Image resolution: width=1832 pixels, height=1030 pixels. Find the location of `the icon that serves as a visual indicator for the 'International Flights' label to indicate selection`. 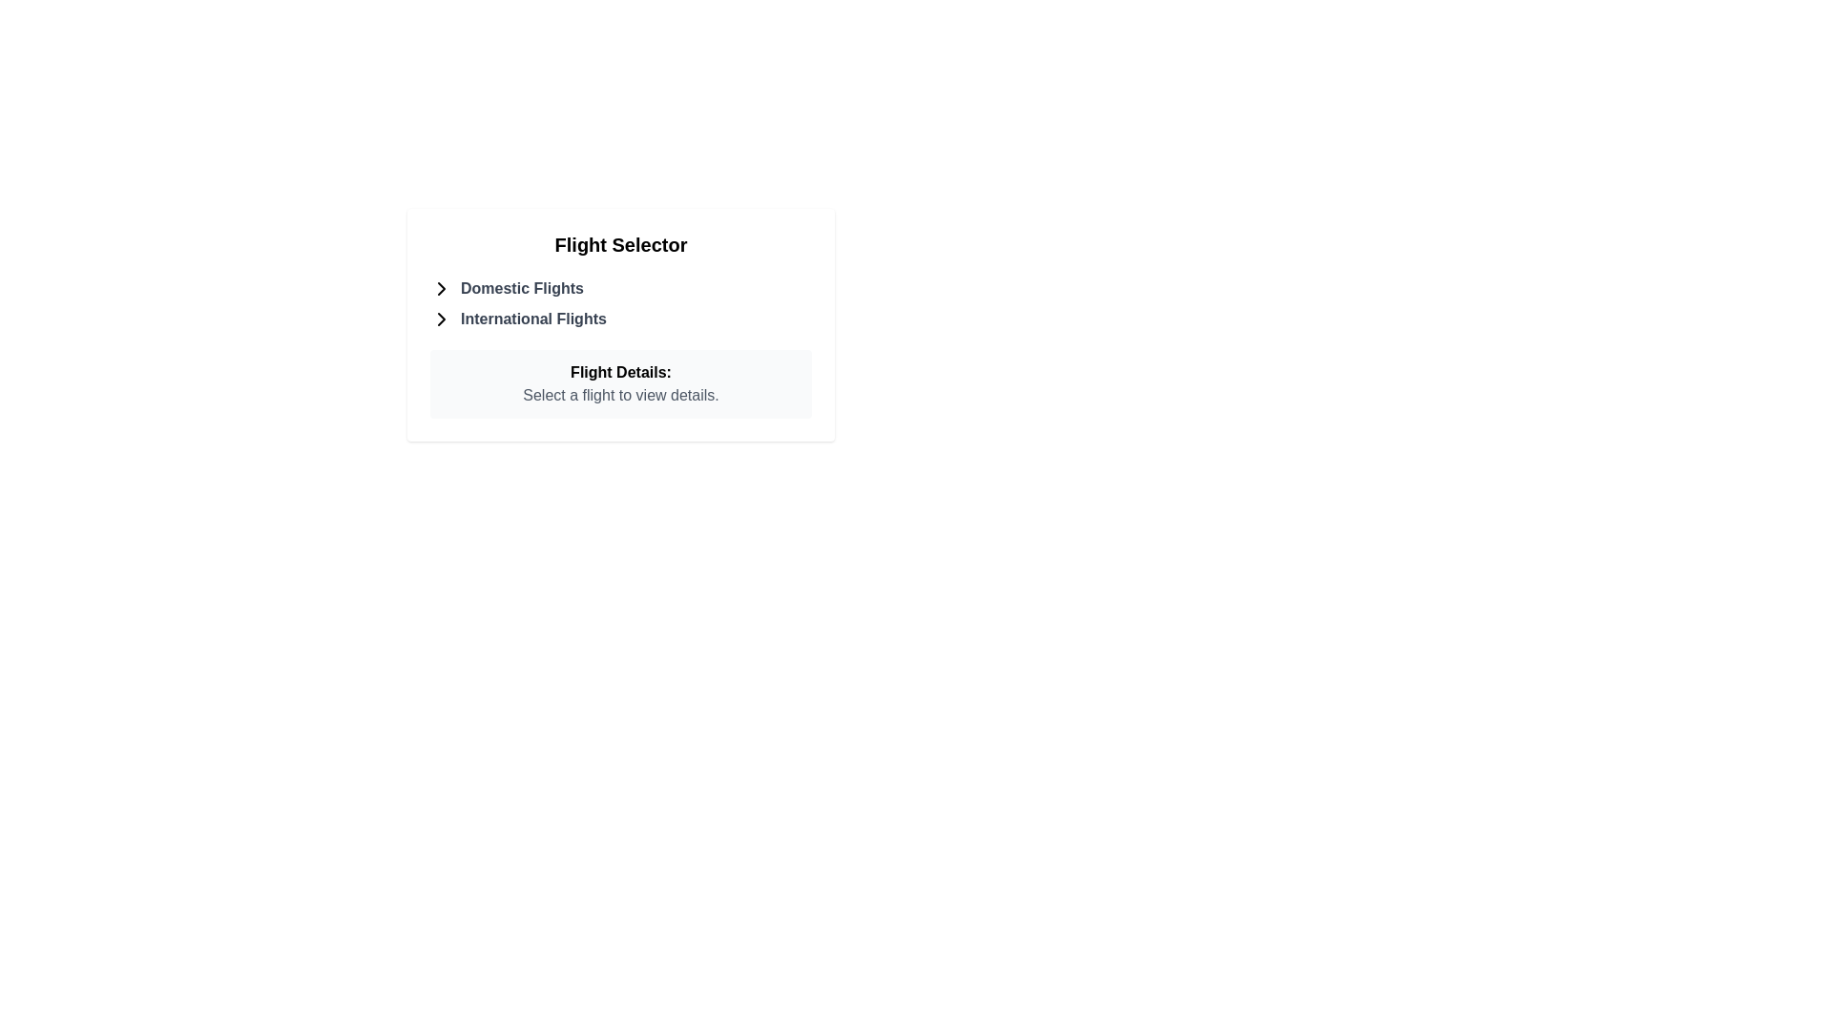

the icon that serves as a visual indicator for the 'International Flights' label to indicate selection is located at coordinates (440, 319).